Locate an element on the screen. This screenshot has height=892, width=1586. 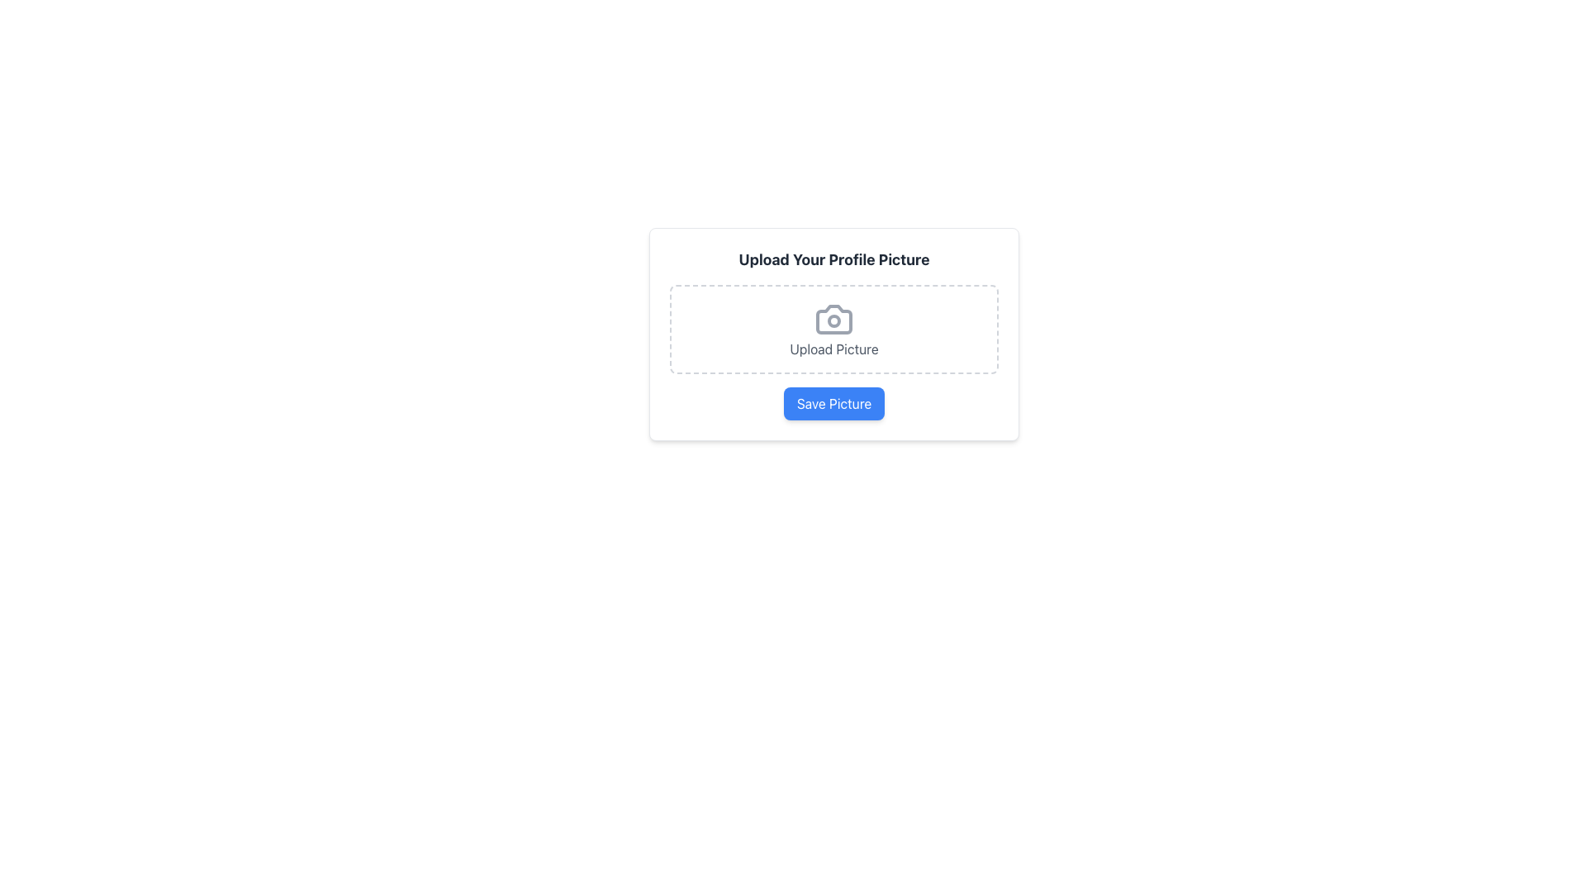
the central dashed area of the profile picture upload widget to upload a picture is located at coordinates (833, 334).